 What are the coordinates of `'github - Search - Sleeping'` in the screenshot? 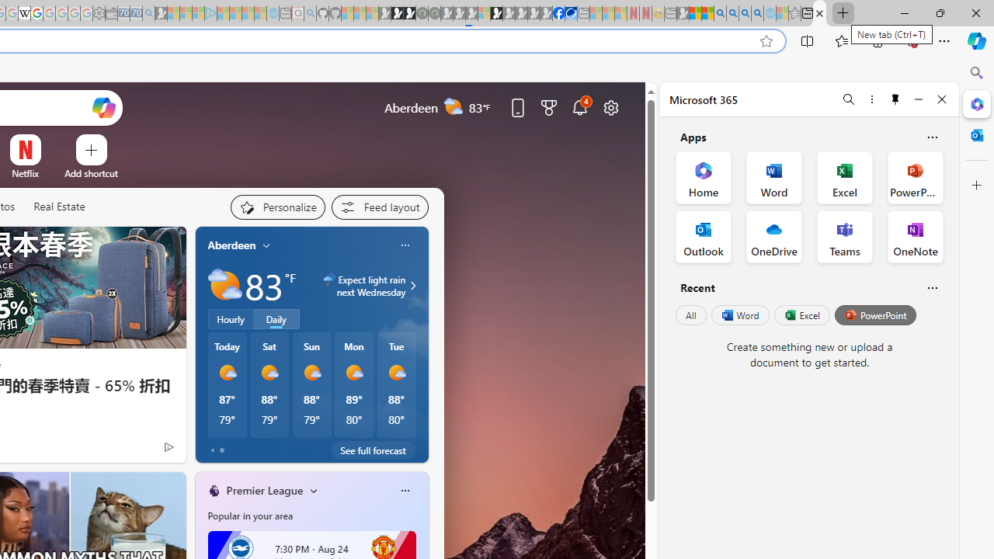 It's located at (310, 13).